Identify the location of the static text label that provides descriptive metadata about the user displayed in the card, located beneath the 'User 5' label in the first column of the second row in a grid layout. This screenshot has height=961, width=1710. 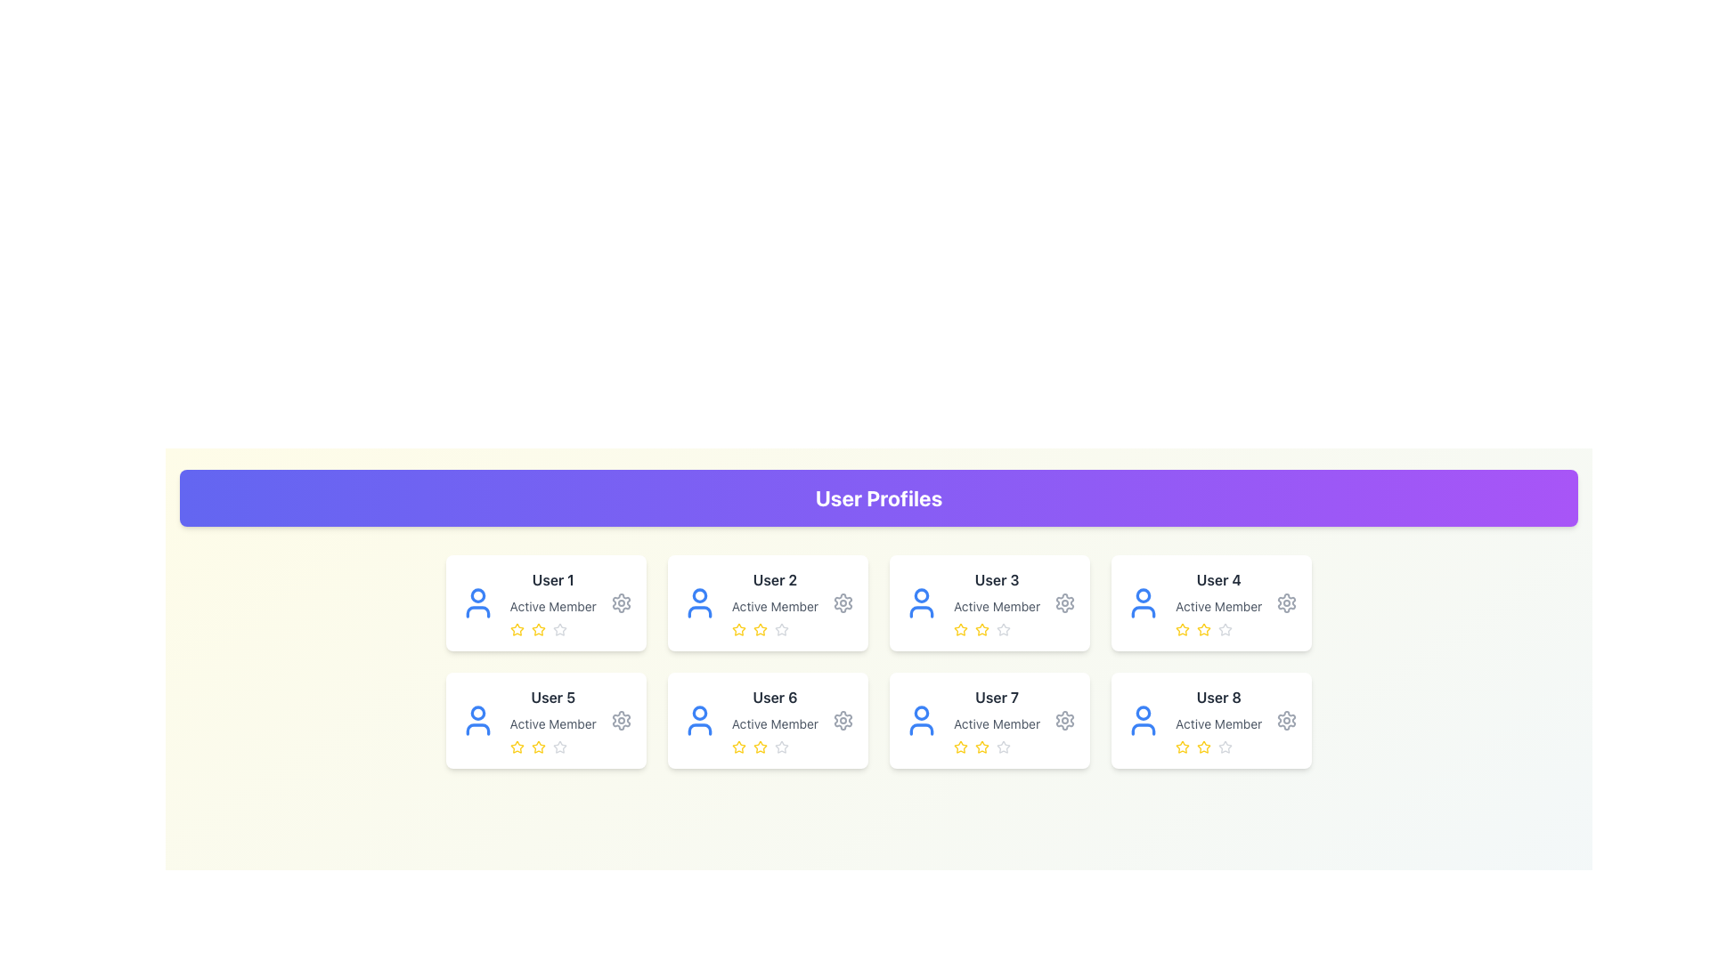
(552, 723).